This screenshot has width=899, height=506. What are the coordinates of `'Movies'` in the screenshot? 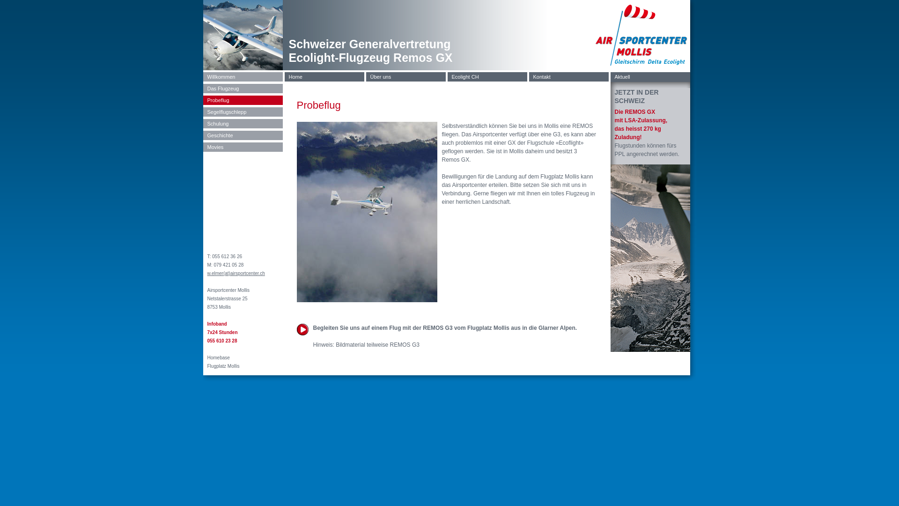 It's located at (243, 147).